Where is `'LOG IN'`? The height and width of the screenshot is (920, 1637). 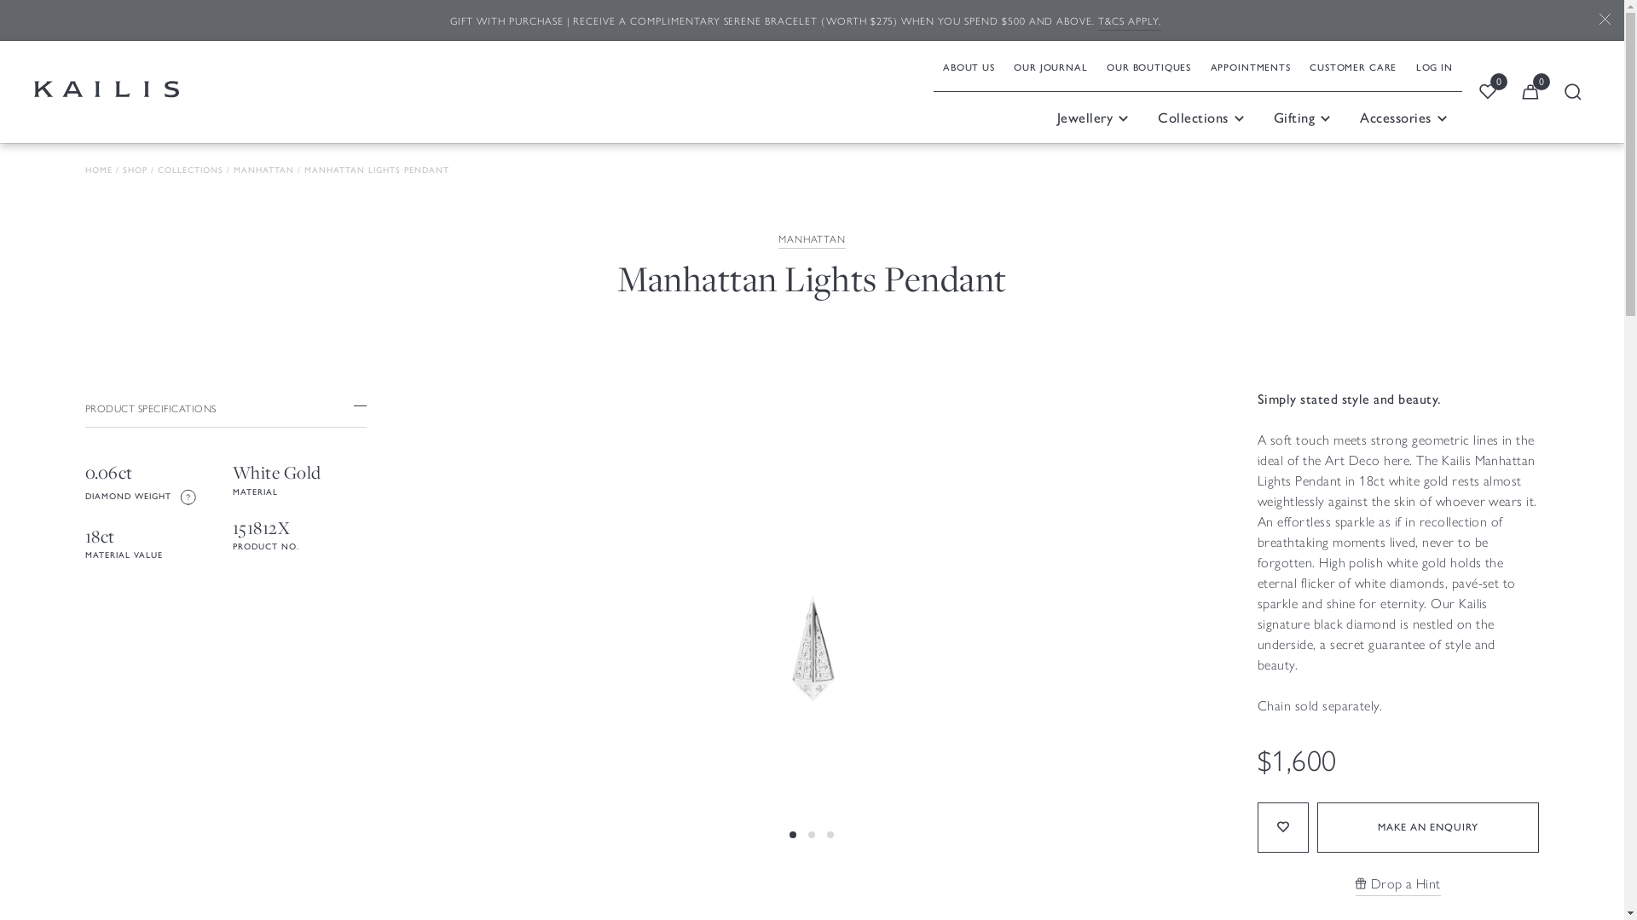
'LOG IN' is located at coordinates (1432, 65).